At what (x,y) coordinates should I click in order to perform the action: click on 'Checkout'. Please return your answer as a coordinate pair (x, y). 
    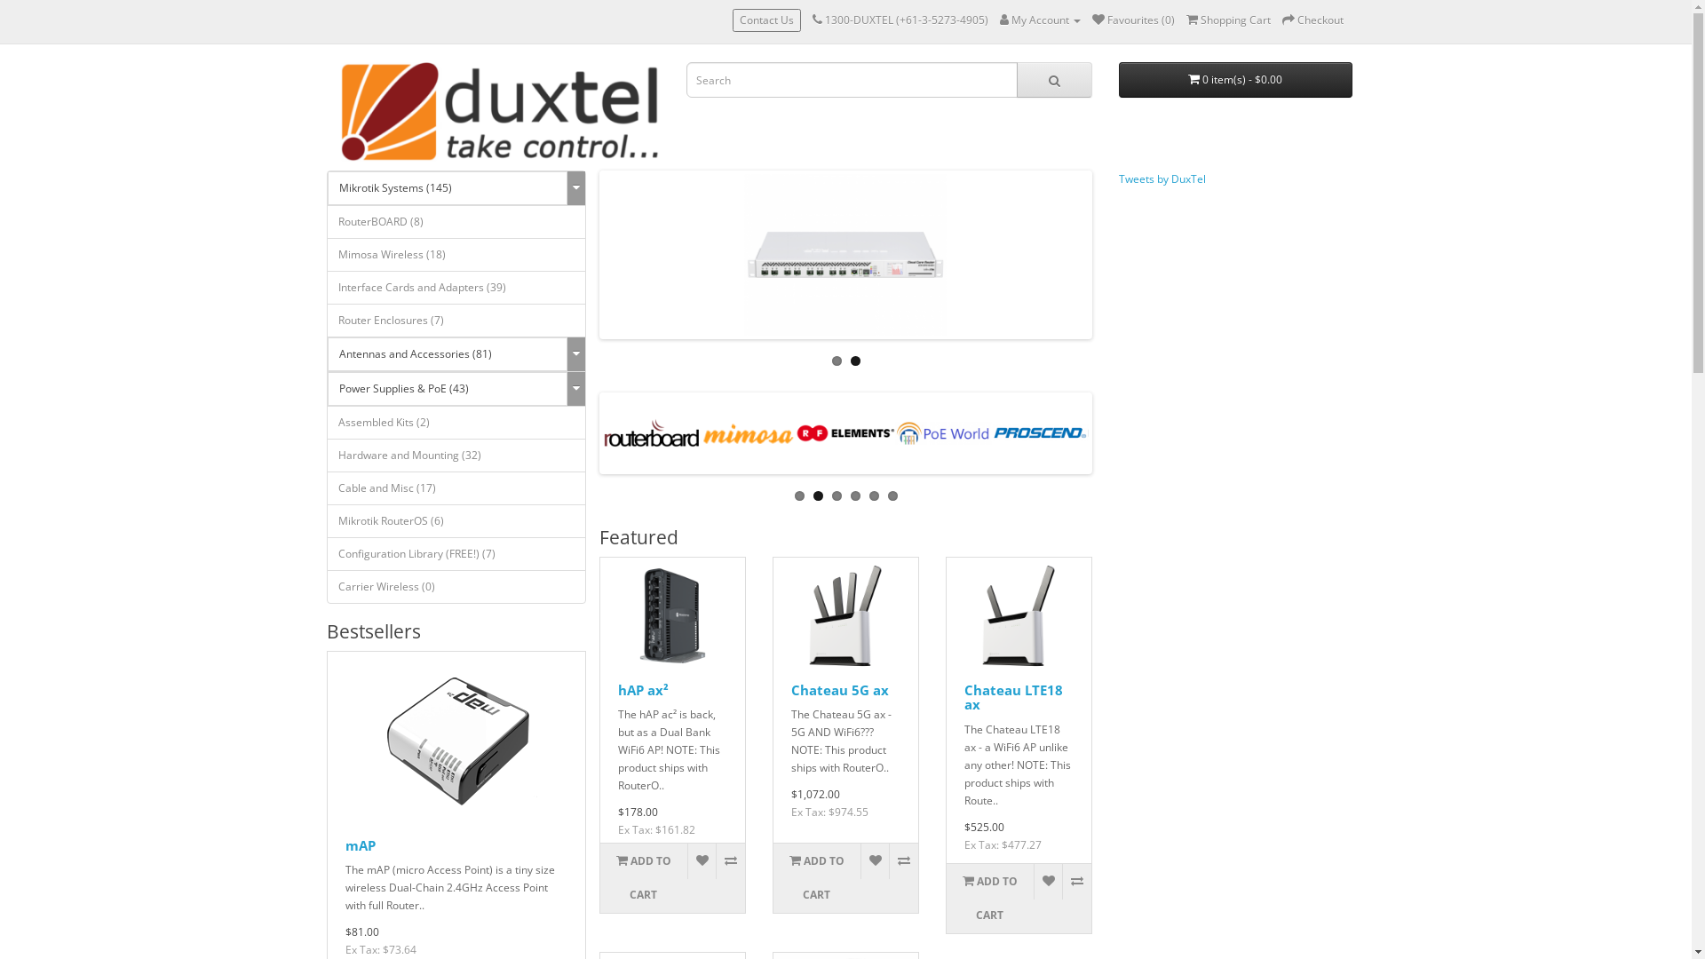
    Looking at the image, I should click on (1312, 20).